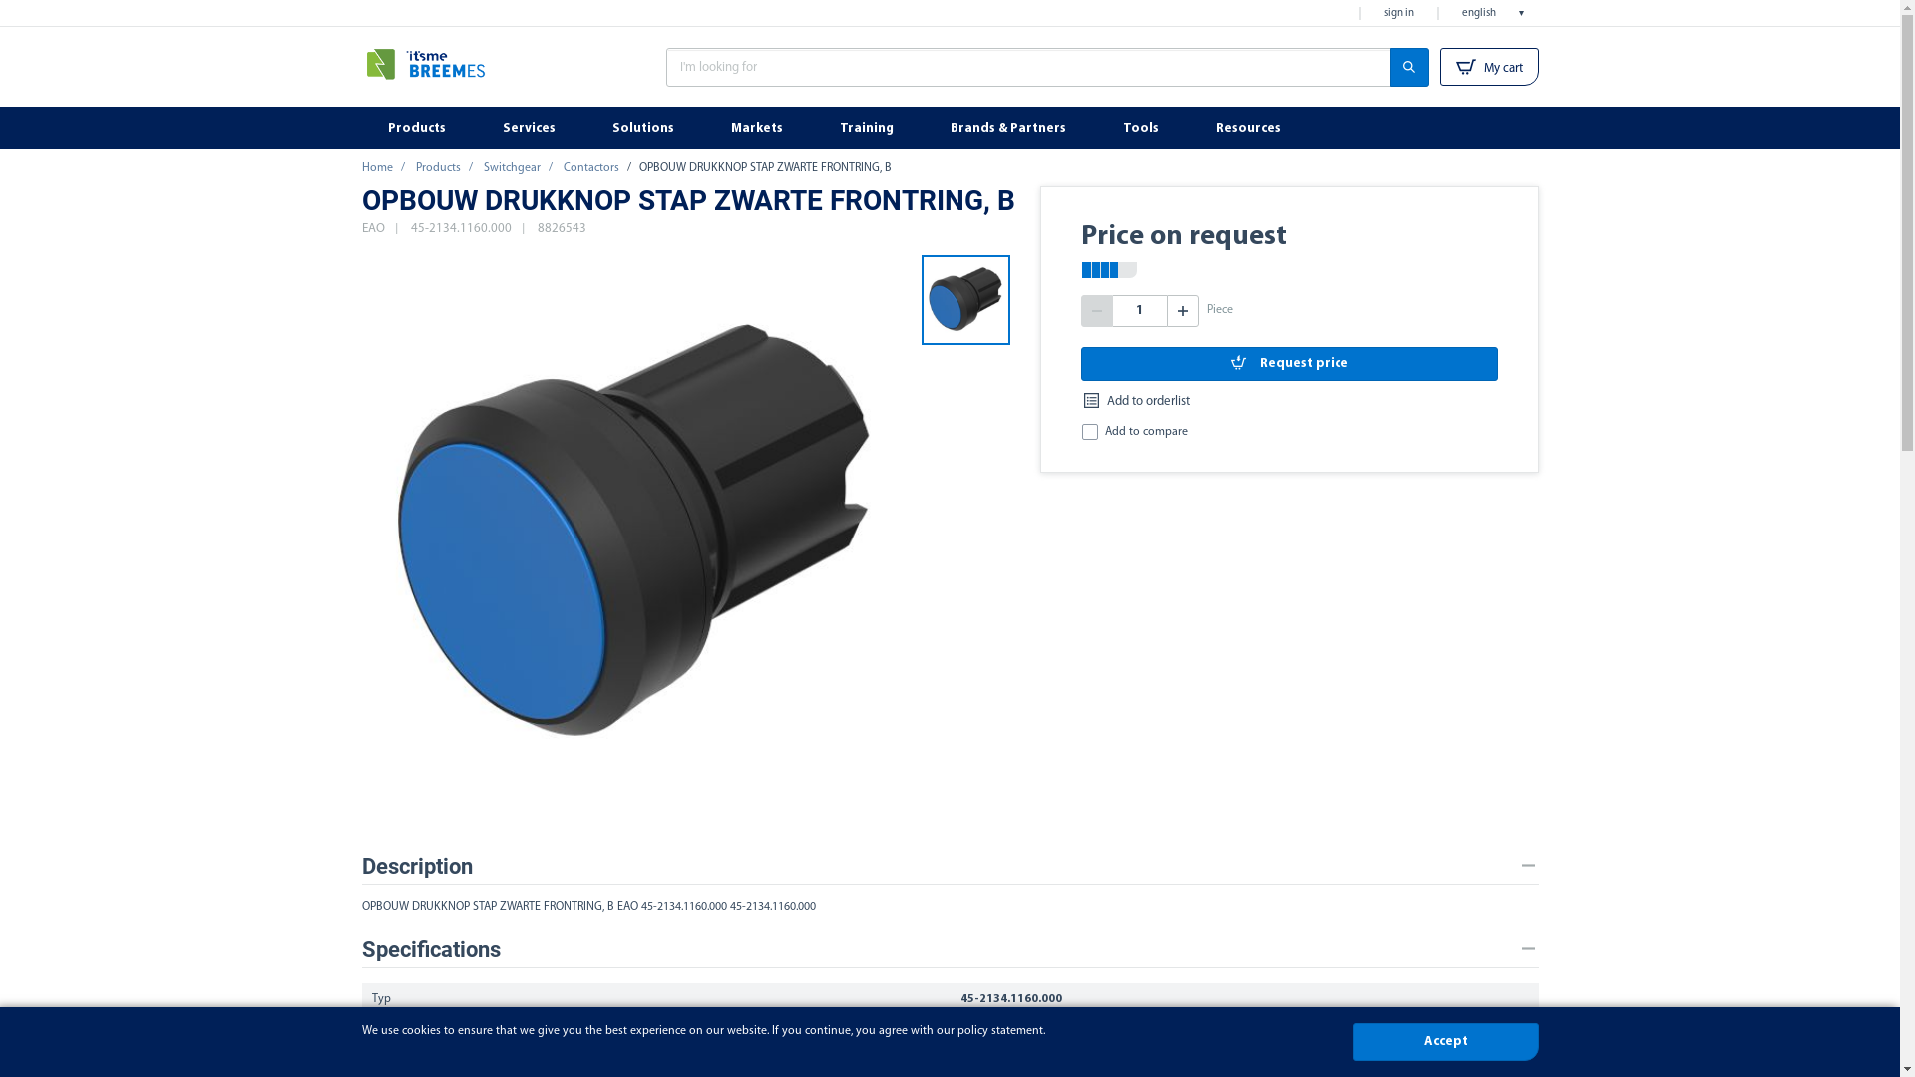 This screenshot has height=1077, width=1915. Describe the element at coordinates (645, 127) in the screenshot. I see `'Solutions'` at that location.